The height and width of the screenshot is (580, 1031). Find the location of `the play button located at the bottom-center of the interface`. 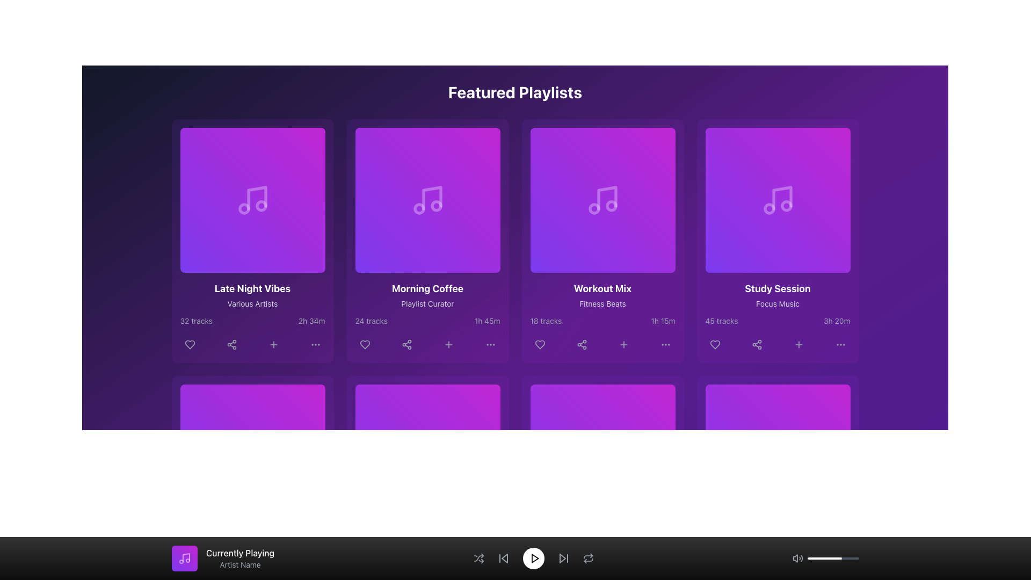

the play button located at the bottom-center of the interface is located at coordinates (533, 558).